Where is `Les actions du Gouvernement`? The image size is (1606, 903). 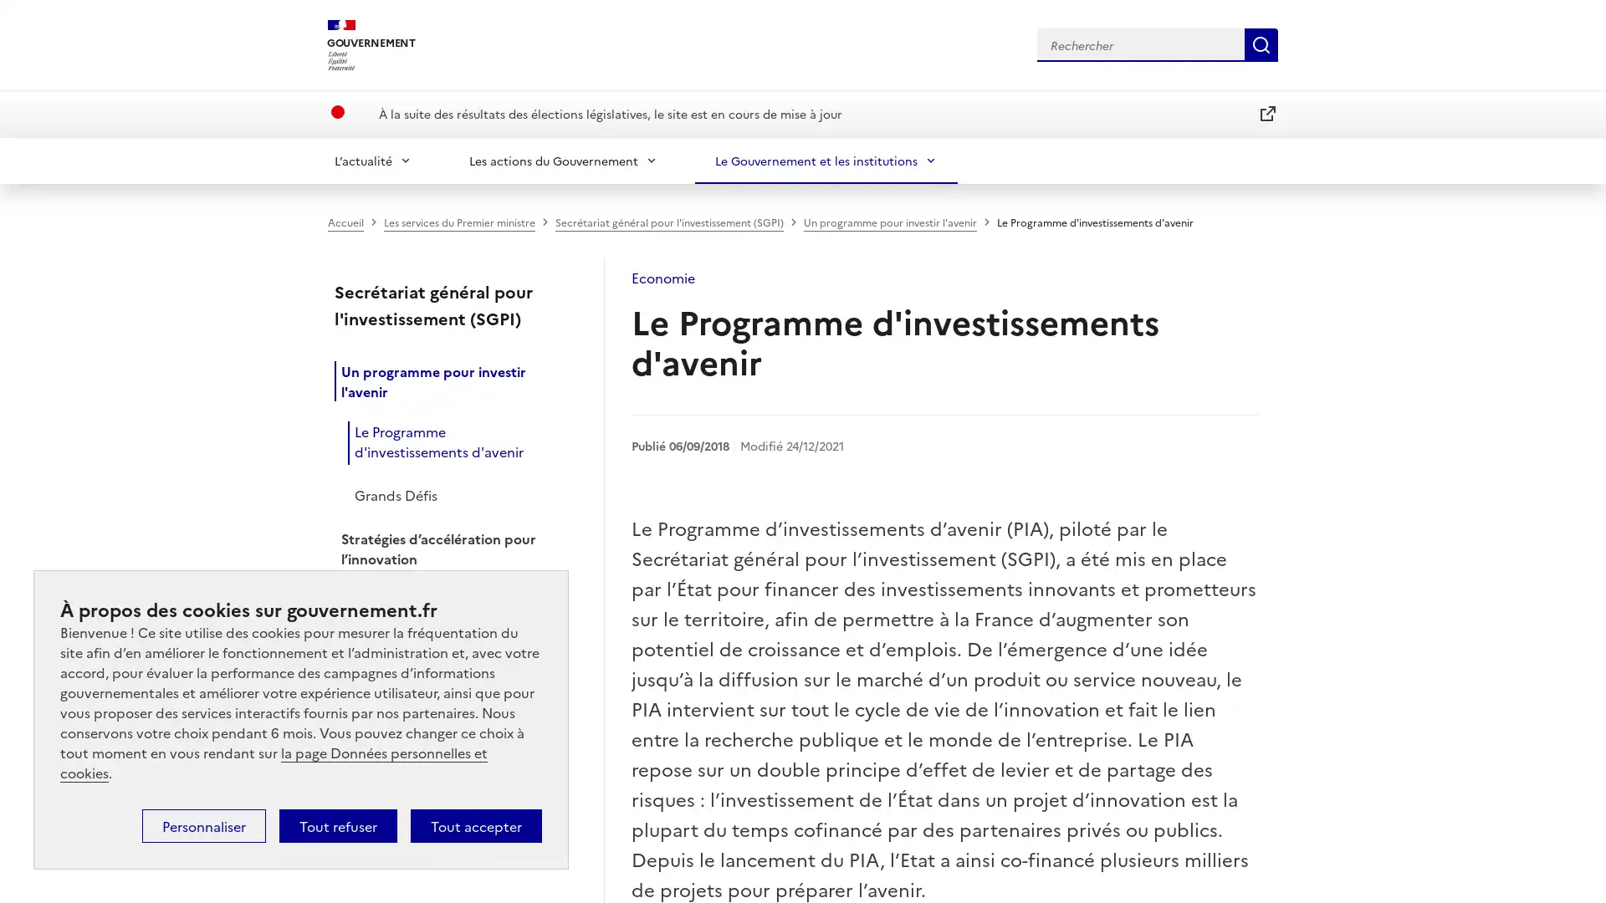
Les actions du Gouvernement is located at coordinates (563, 160).